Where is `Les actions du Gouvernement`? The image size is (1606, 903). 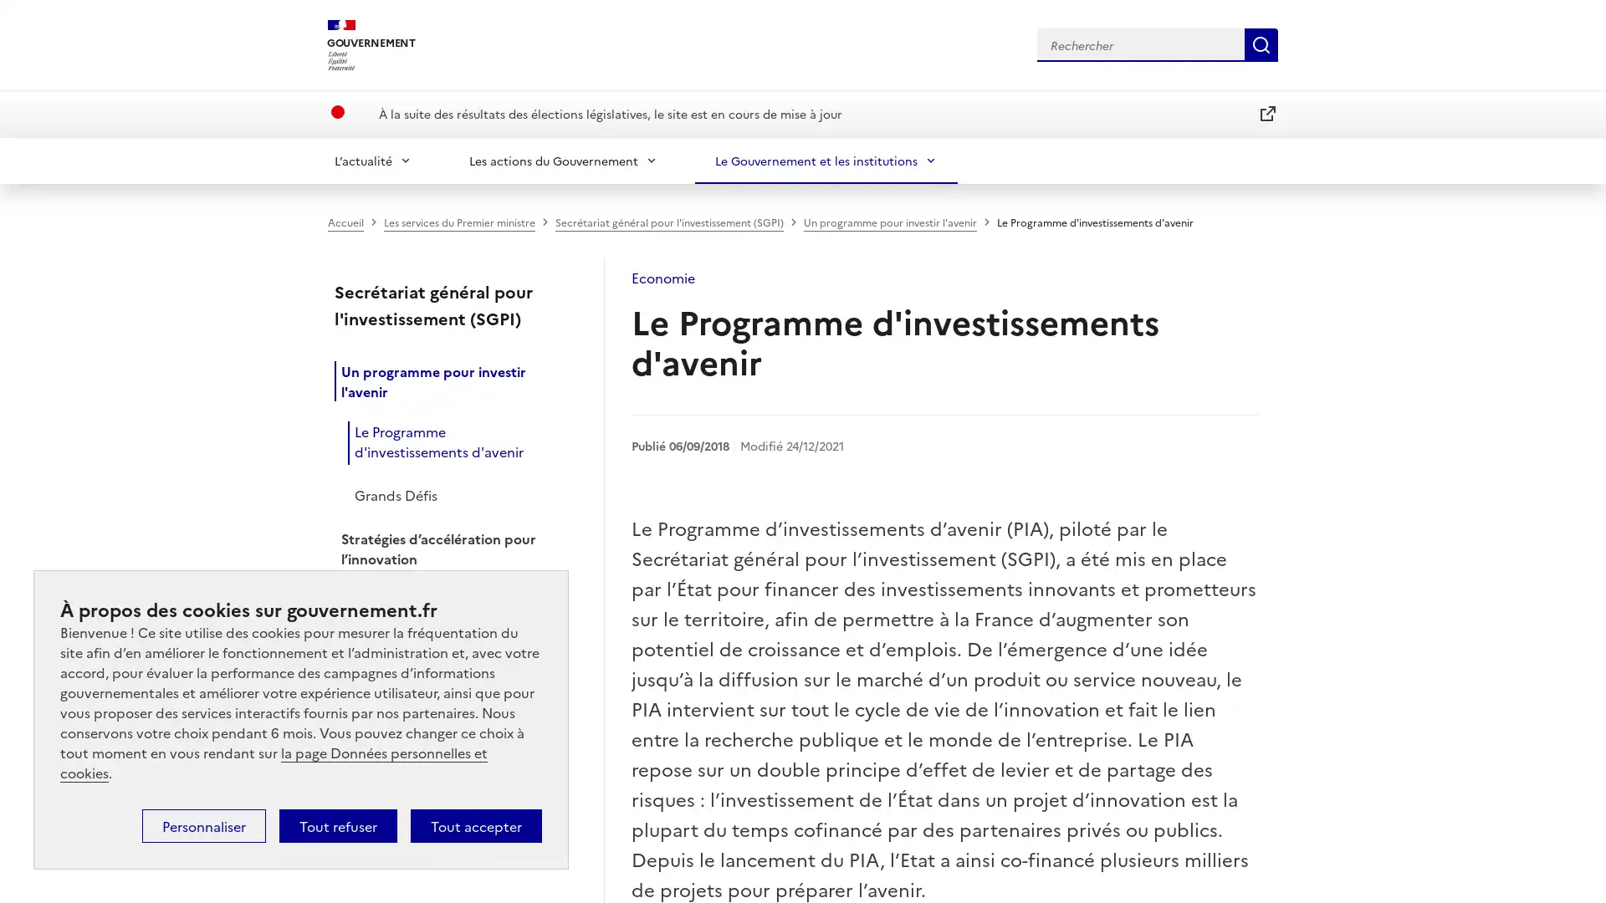
Les actions du Gouvernement is located at coordinates (563, 160).